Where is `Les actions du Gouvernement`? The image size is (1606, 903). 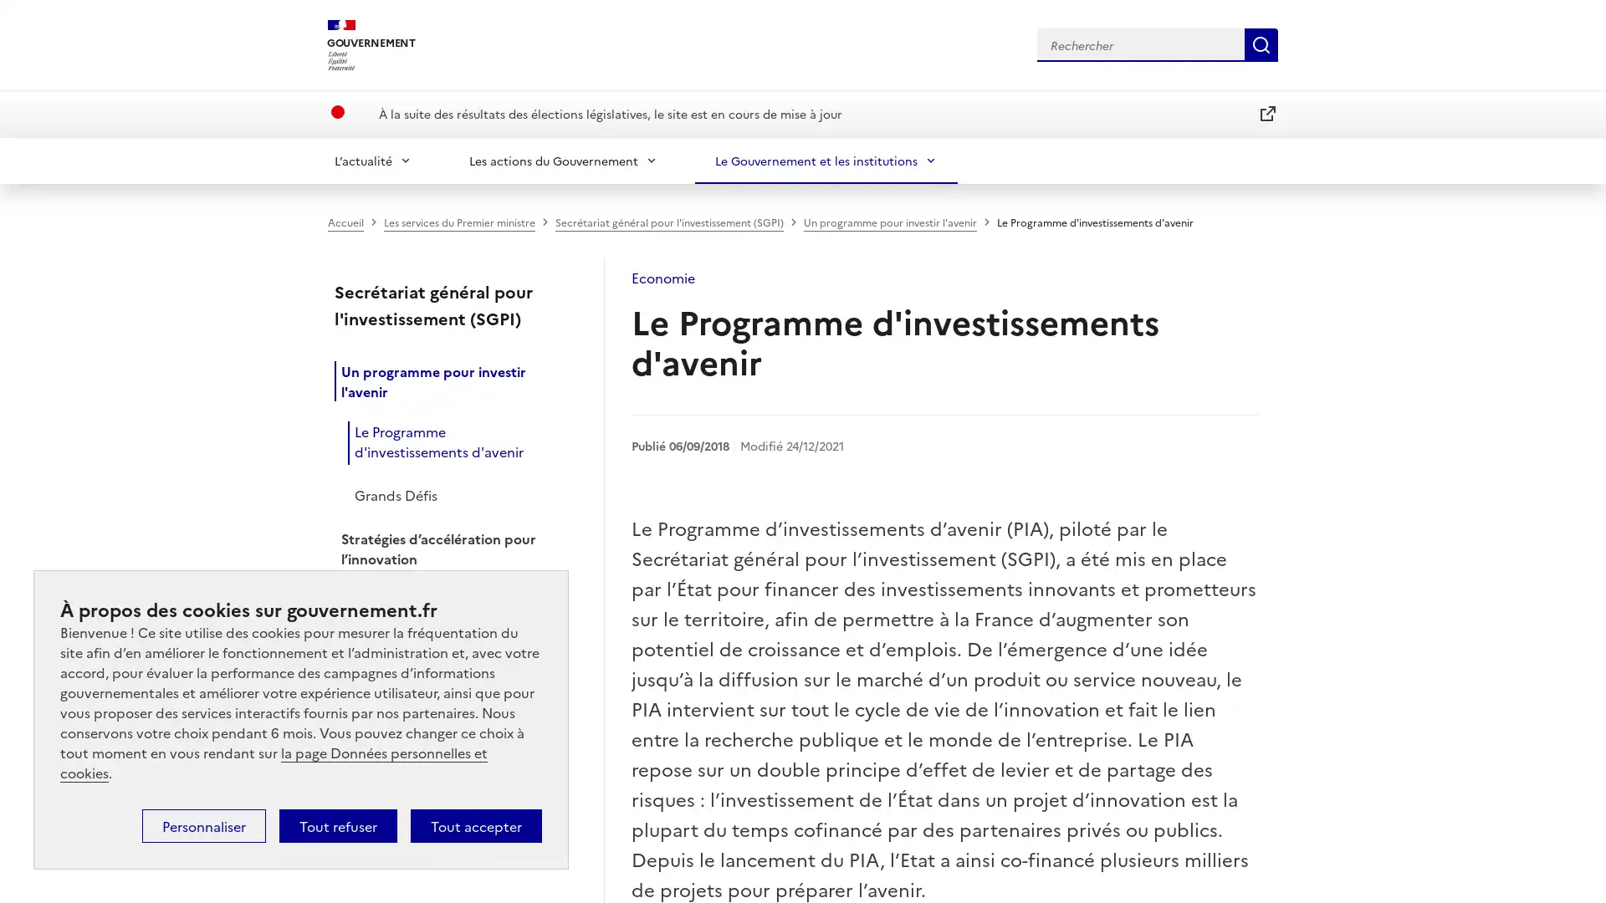
Les actions du Gouvernement is located at coordinates (563, 160).